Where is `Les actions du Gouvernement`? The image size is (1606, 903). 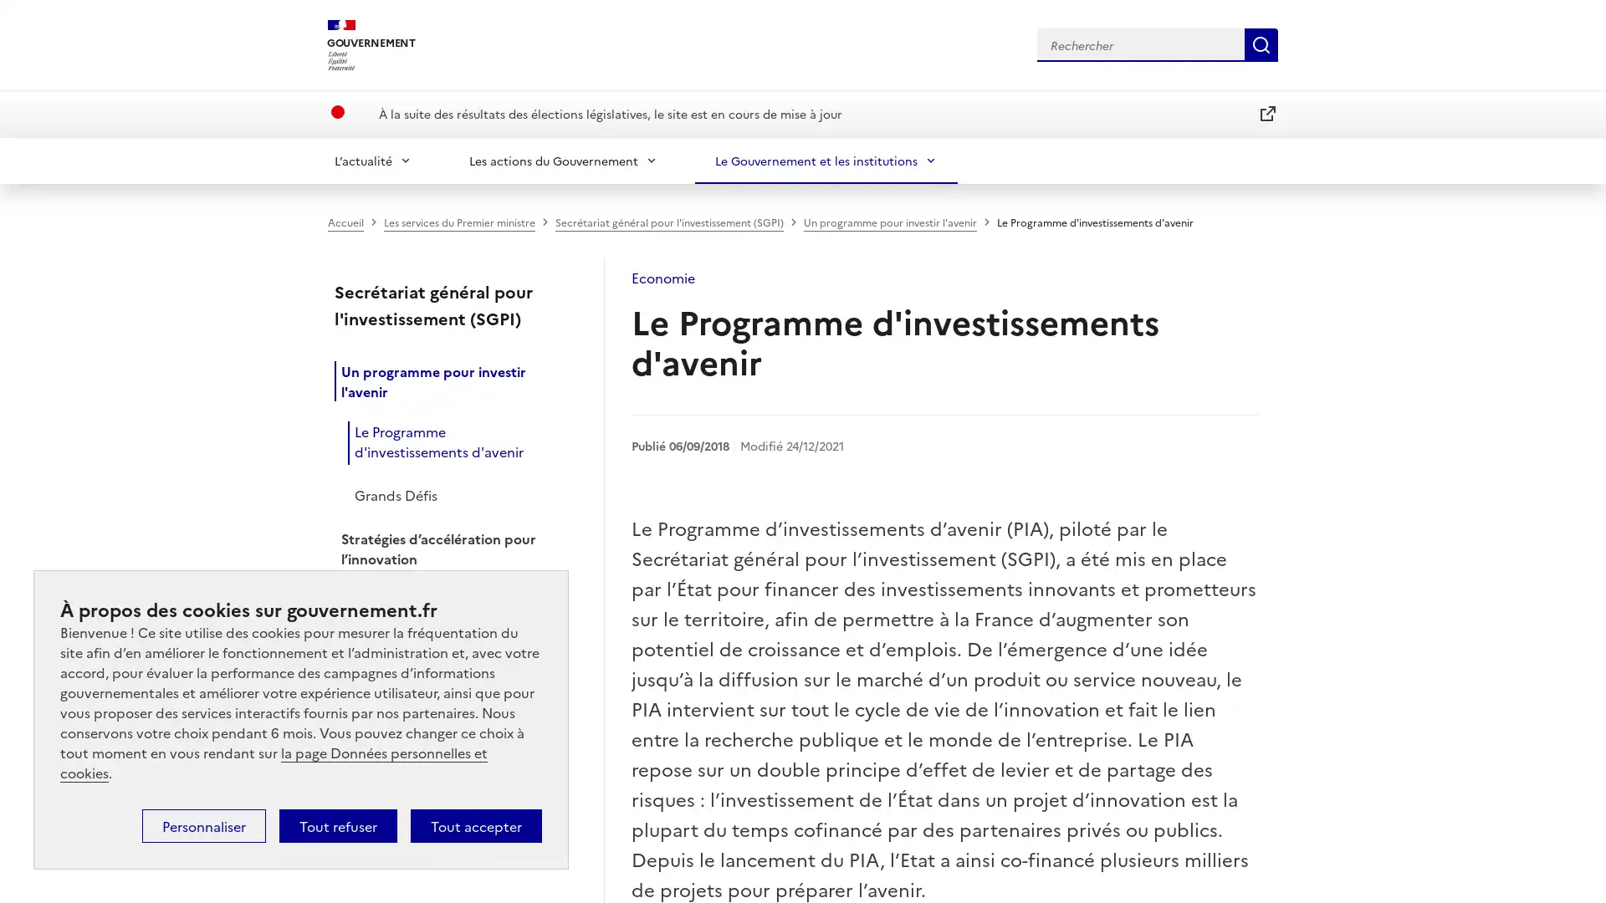
Les actions du Gouvernement is located at coordinates (563, 160).